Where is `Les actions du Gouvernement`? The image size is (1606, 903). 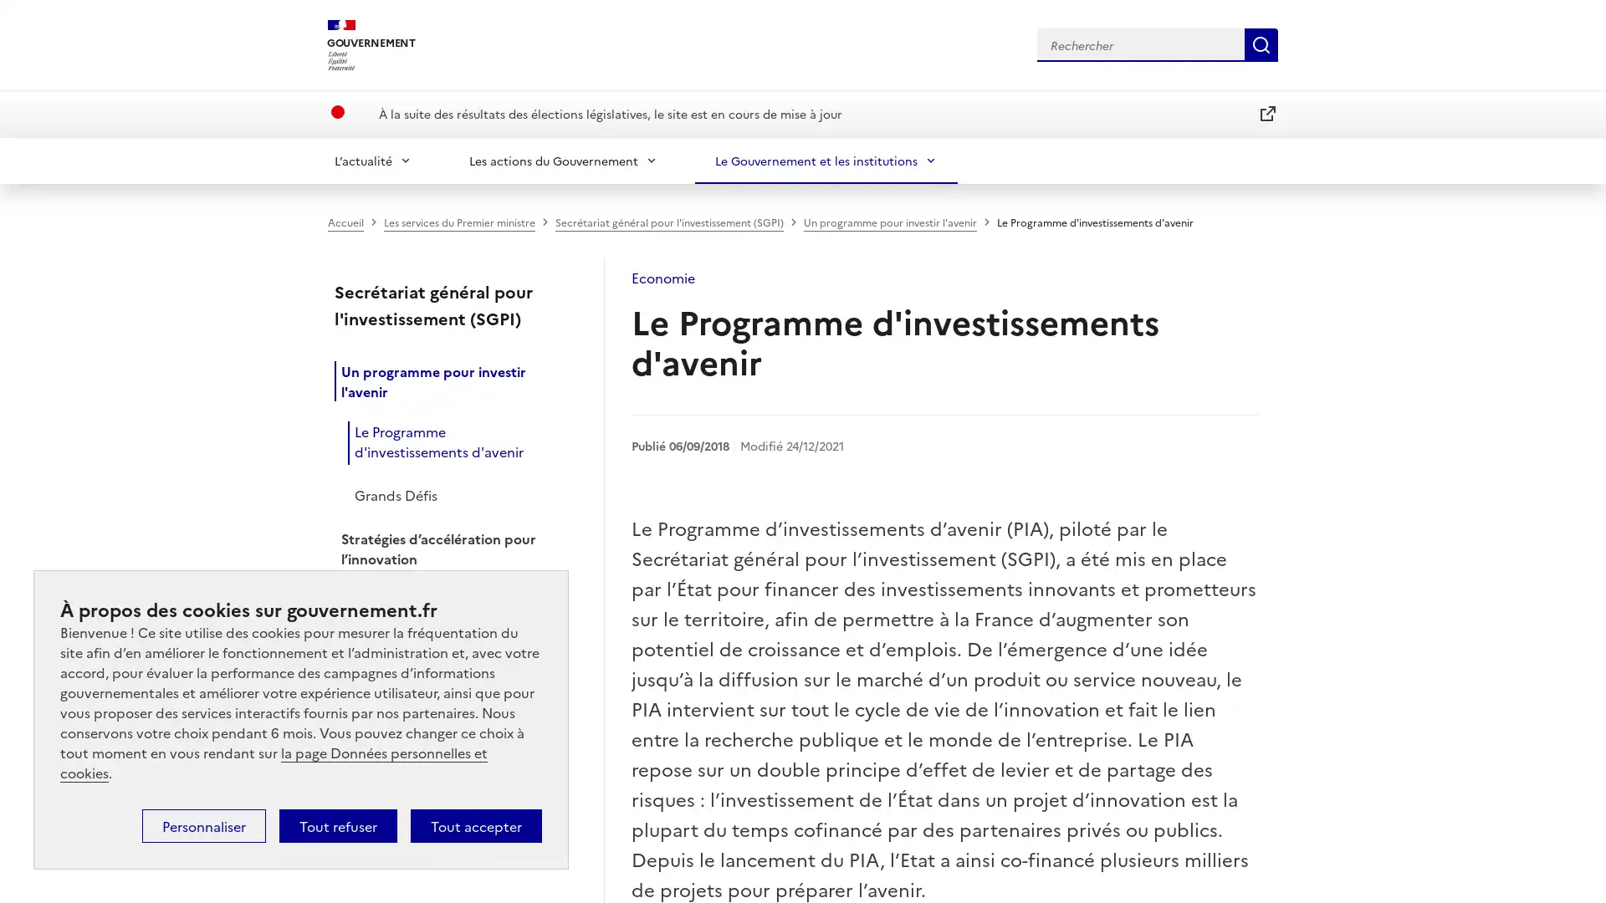
Les actions du Gouvernement is located at coordinates (563, 160).